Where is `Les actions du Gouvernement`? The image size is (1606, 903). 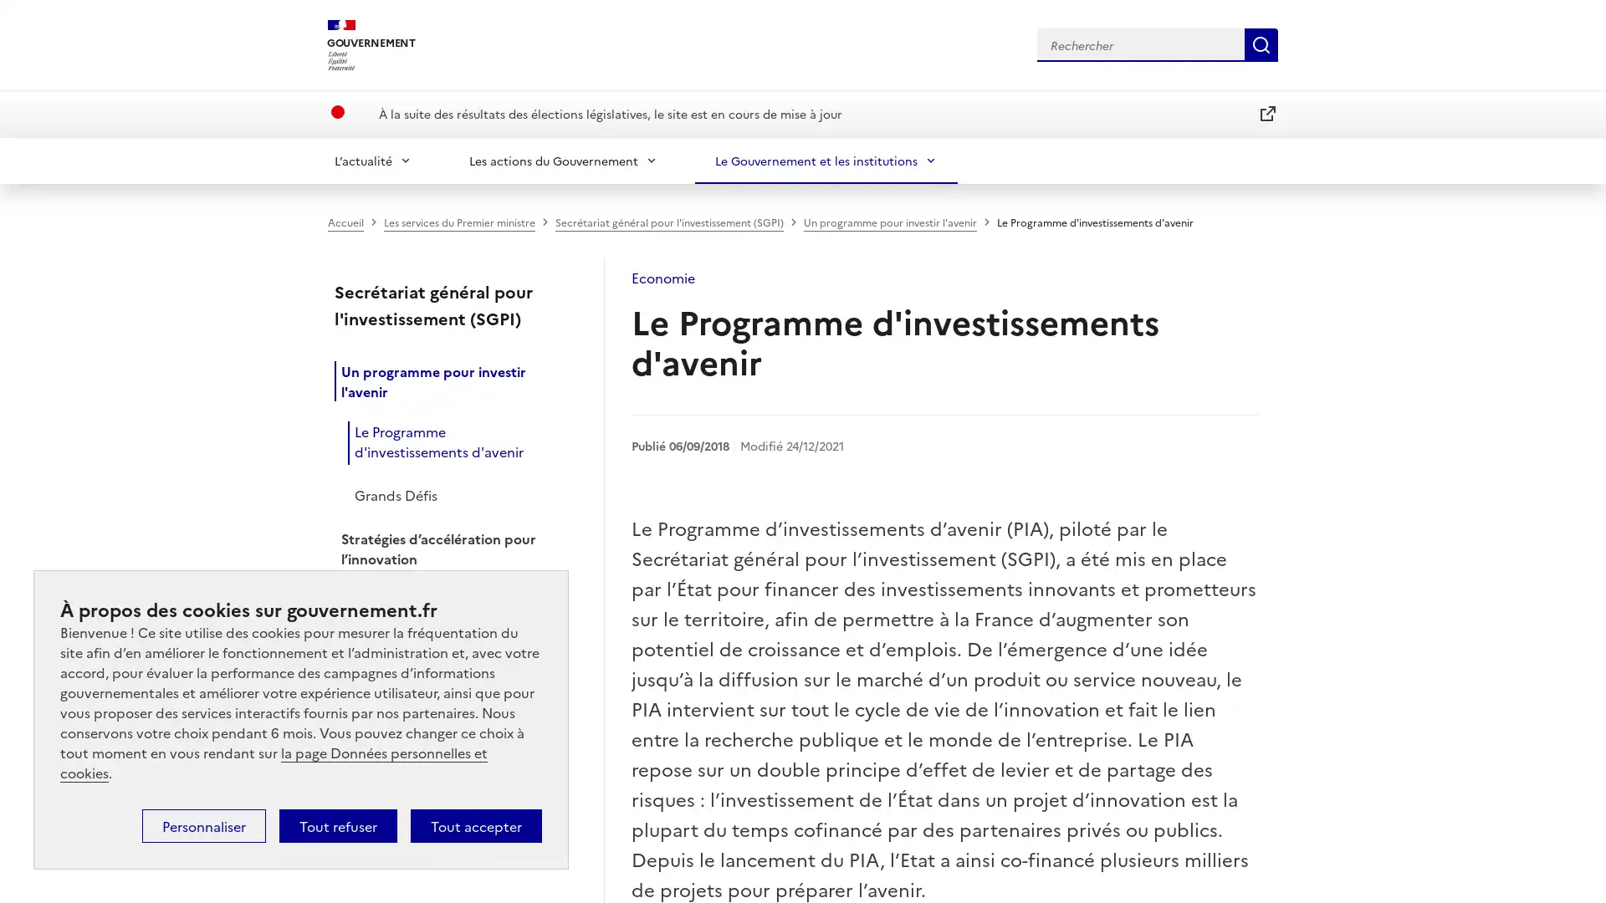
Les actions du Gouvernement is located at coordinates (563, 160).